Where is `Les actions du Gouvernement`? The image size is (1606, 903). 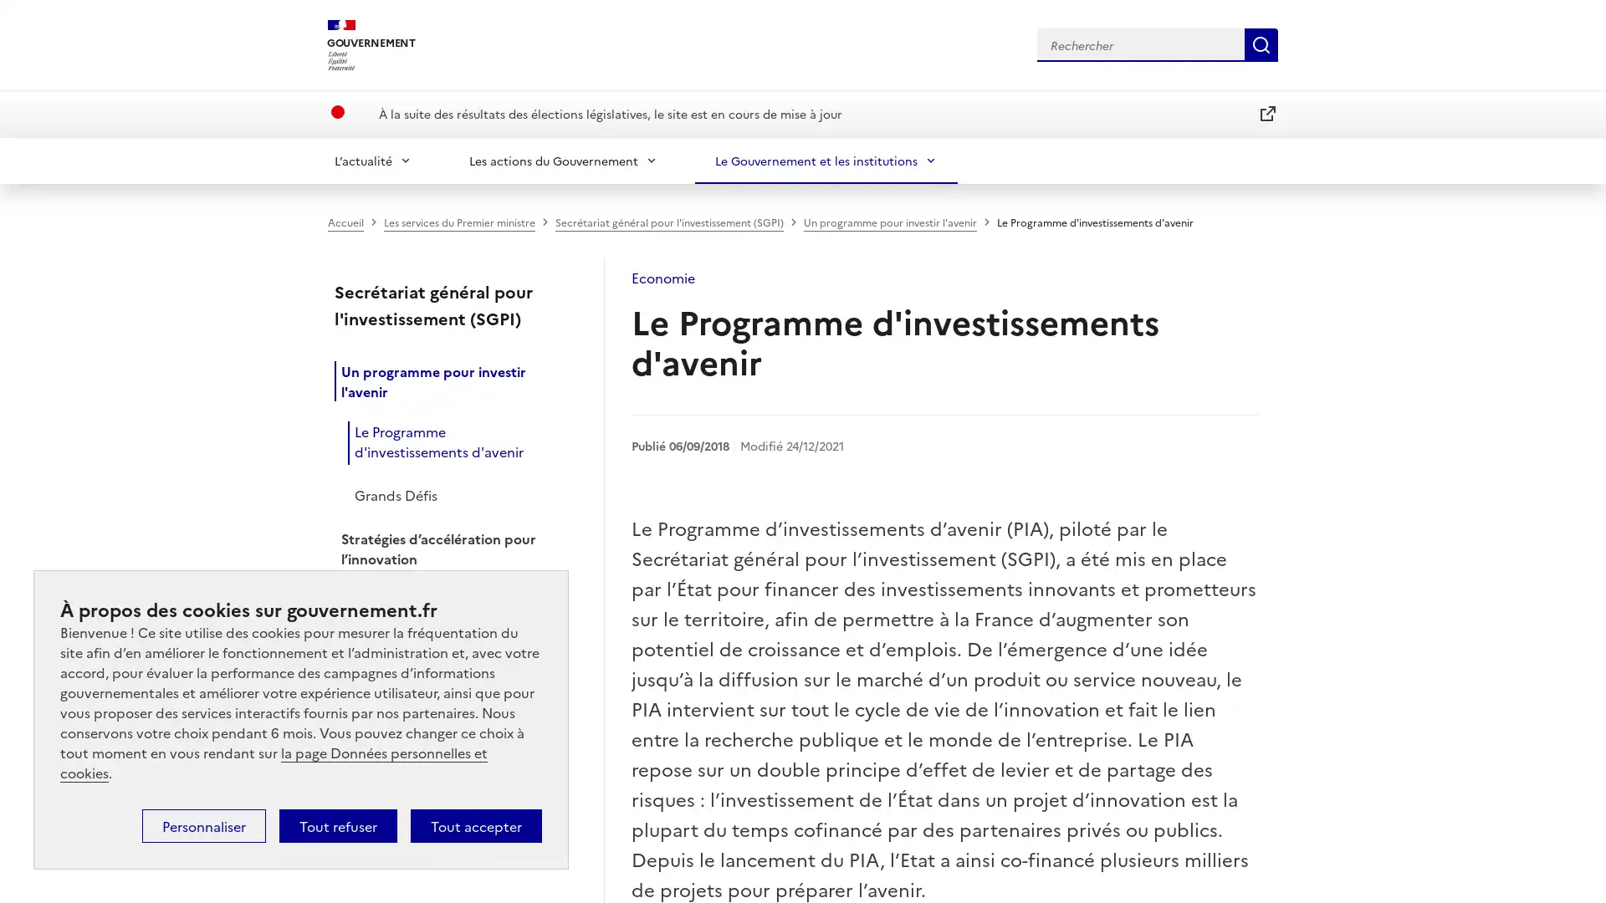
Les actions du Gouvernement is located at coordinates (563, 160).